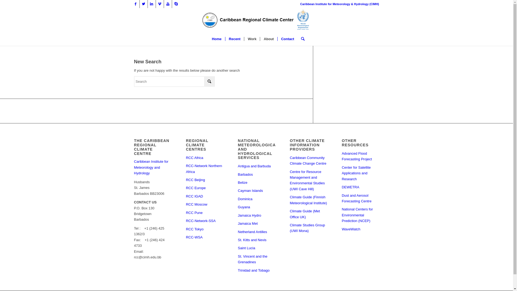 The width and height of the screenshot is (517, 291). What do you see at coordinates (176, 4) in the screenshot?
I see `'Skype'` at bounding box center [176, 4].